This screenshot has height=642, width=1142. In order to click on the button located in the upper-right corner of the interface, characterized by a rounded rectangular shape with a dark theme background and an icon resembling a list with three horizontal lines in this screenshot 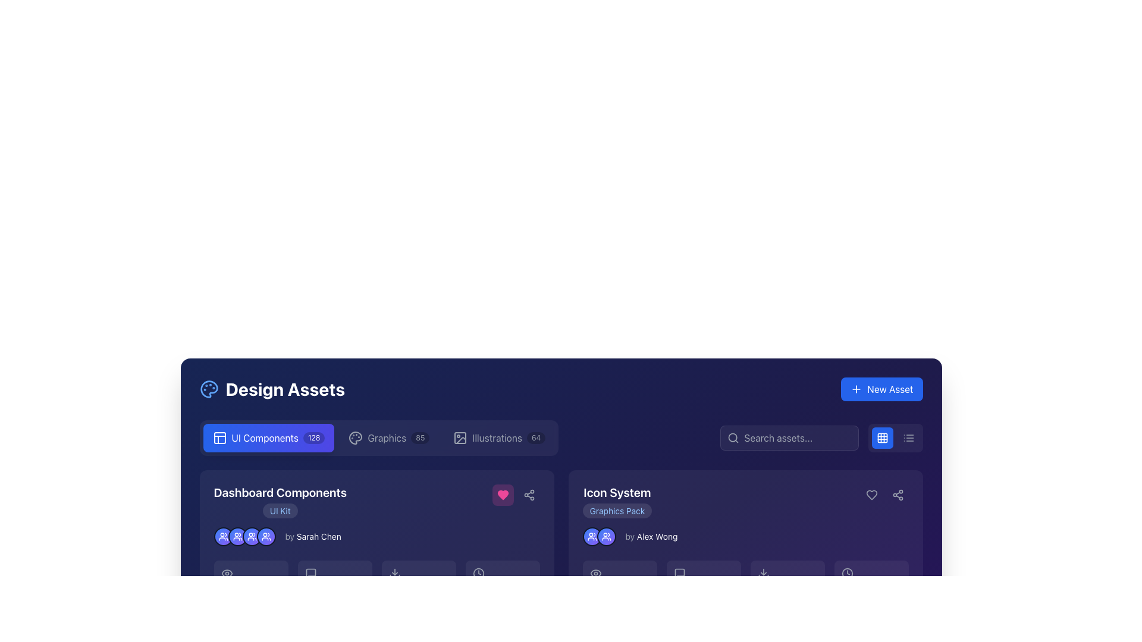, I will do `click(908, 438)`.